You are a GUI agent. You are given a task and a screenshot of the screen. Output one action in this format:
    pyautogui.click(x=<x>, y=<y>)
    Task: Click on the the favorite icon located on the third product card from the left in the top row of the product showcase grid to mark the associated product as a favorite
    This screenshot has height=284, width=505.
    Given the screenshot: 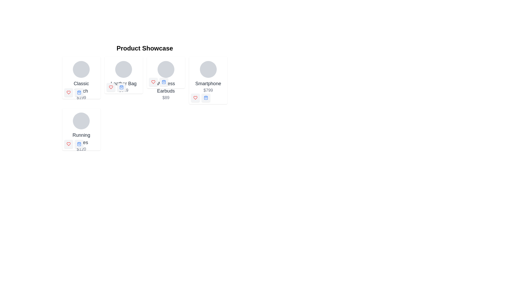 What is the action you would take?
    pyautogui.click(x=153, y=82)
    